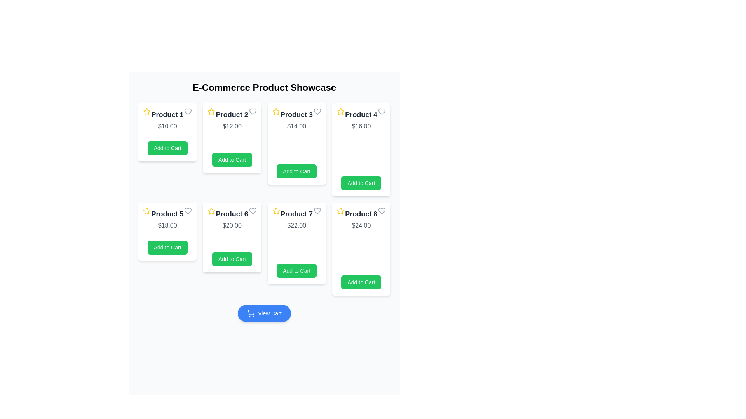  Describe the element at coordinates (382, 211) in the screenshot. I see `the heart-shaped wishlist icon located in the top-right corner of the 'Product 8' card to change its color from light gray to red` at that location.